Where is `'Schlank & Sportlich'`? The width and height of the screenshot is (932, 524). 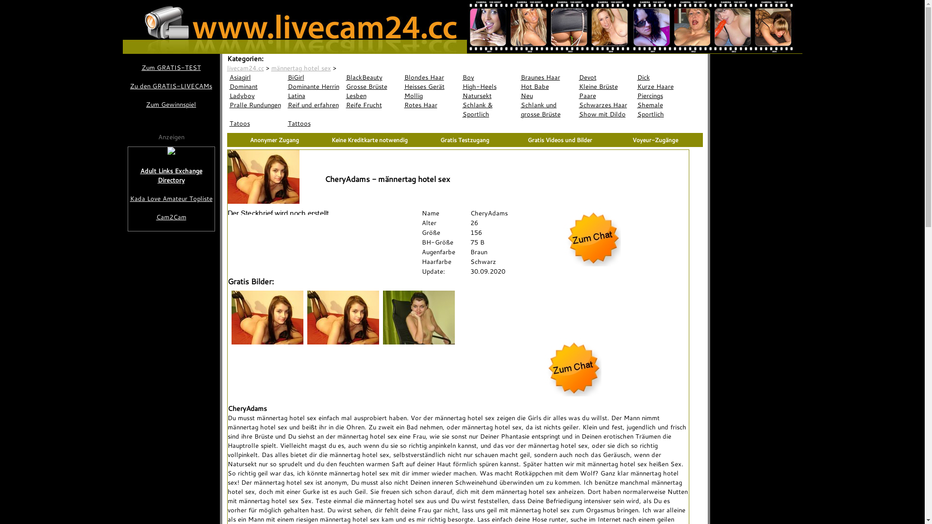 'Schlank & Sportlich' is located at coordinates (489, 109).